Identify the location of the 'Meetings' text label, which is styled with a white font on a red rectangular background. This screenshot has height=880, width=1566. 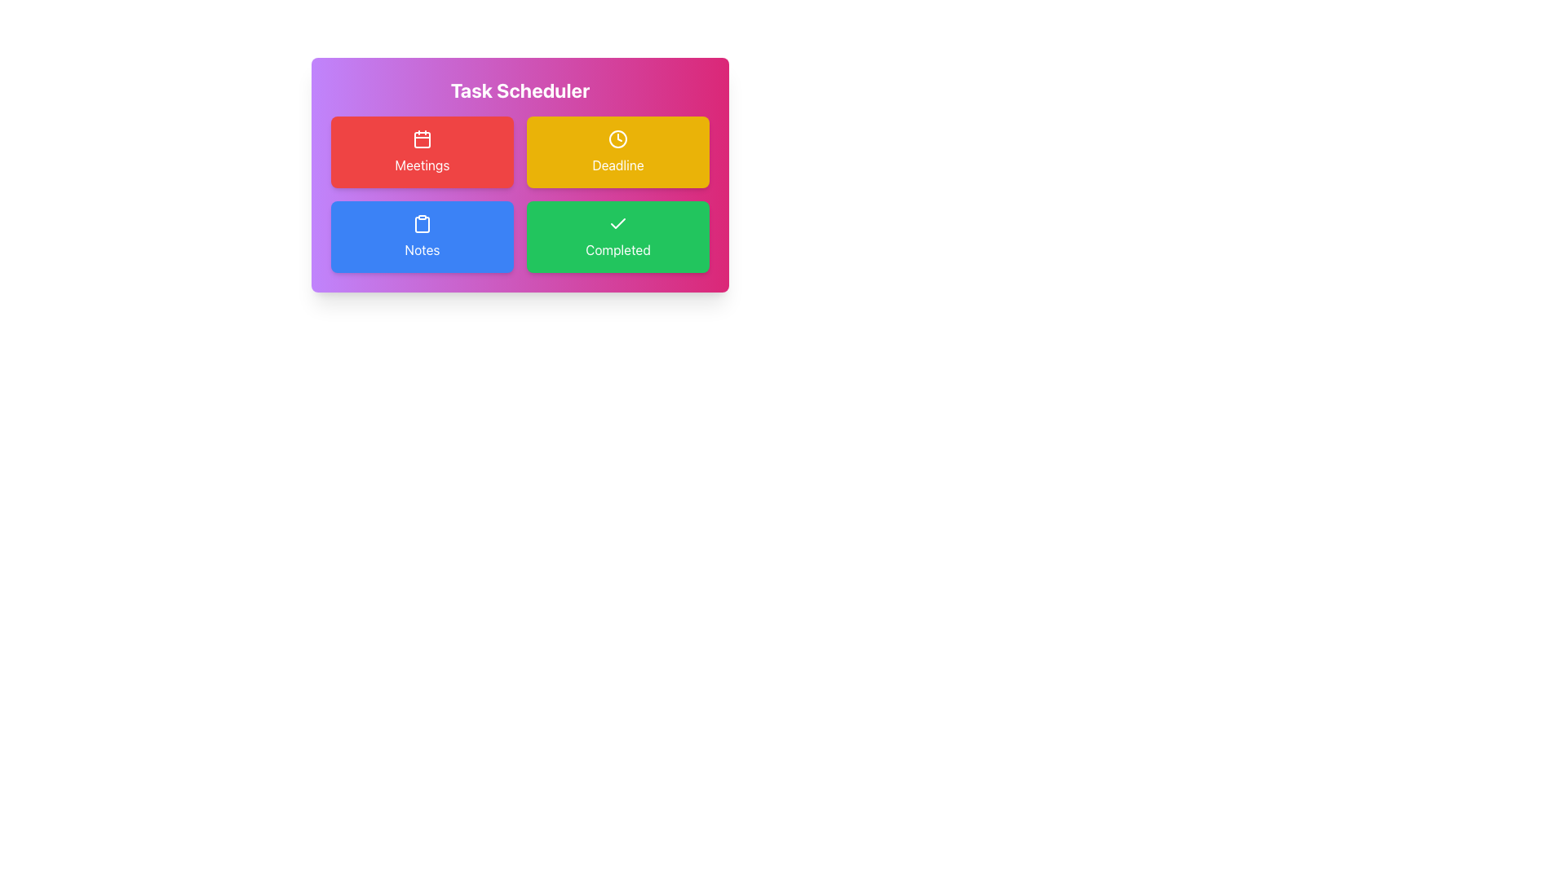
(422, 165).